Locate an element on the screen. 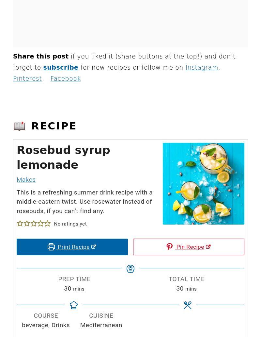  'Rosebud syrup lemonade' is located at coordinates (16, 157).